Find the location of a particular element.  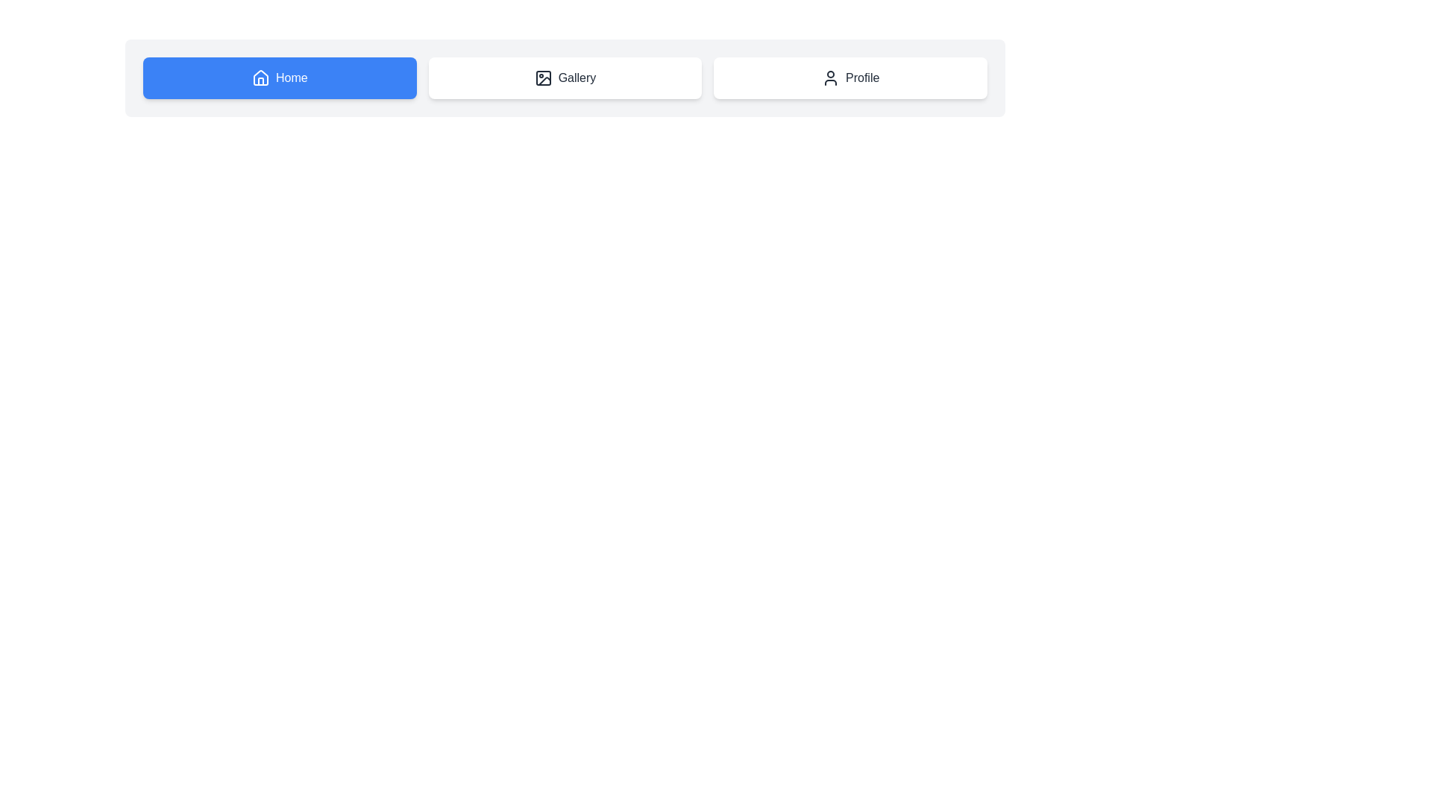

the 'Profile' button to navigate to the Profile section is located at coordinates (850, 78).